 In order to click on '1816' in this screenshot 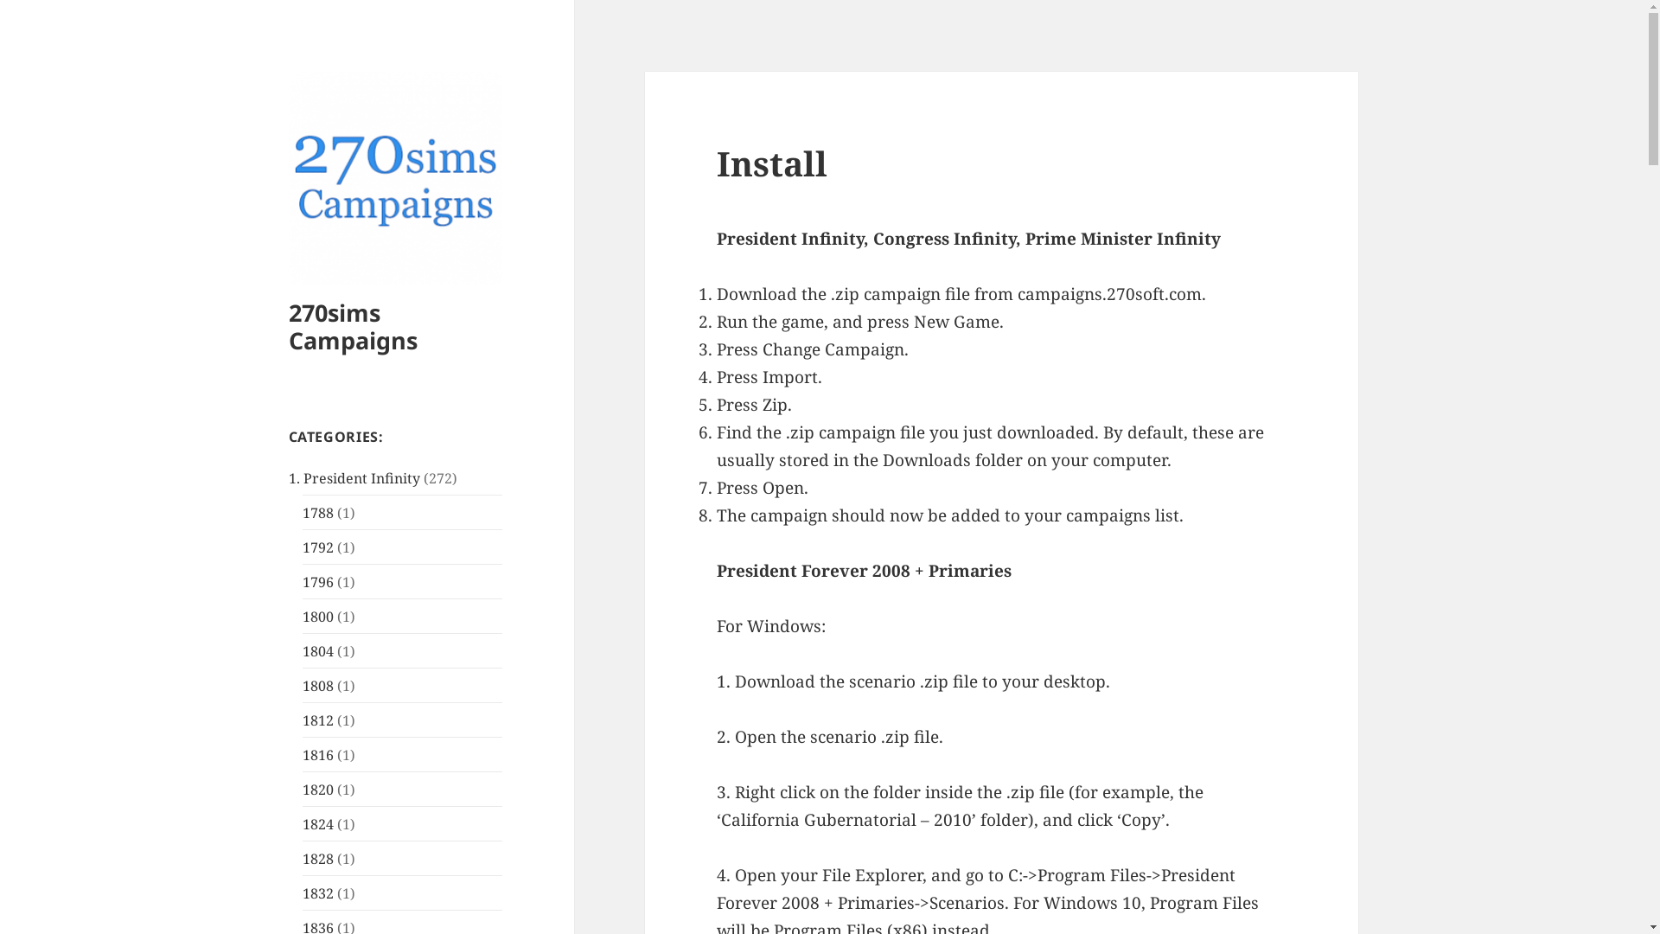, I will do `click(318, 753)`.